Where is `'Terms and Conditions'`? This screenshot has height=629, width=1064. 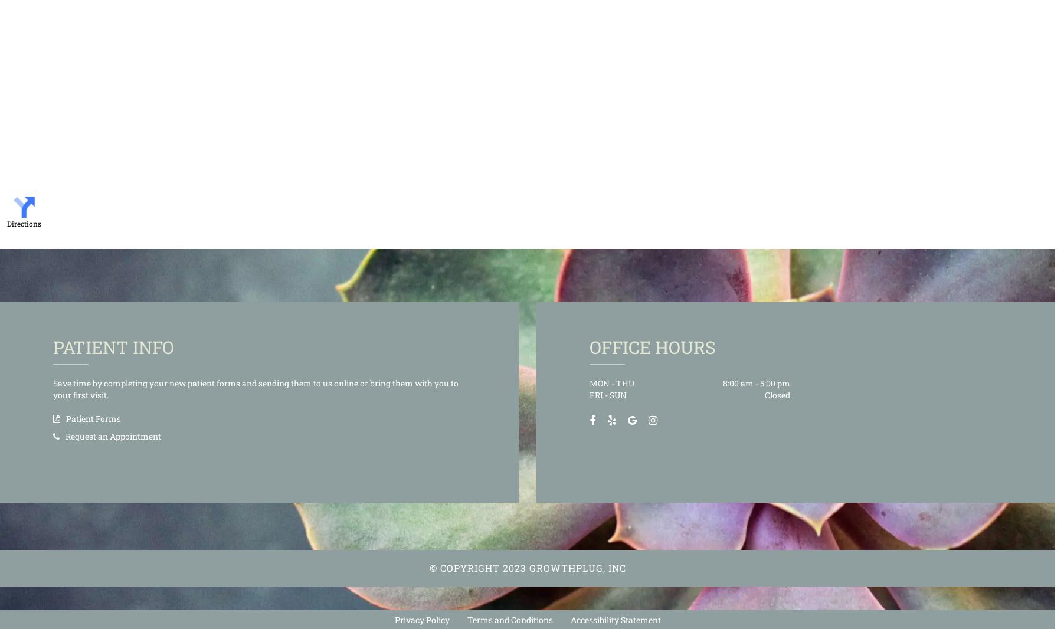 'Terms and Conditions' is located at coordinates (466, 620).